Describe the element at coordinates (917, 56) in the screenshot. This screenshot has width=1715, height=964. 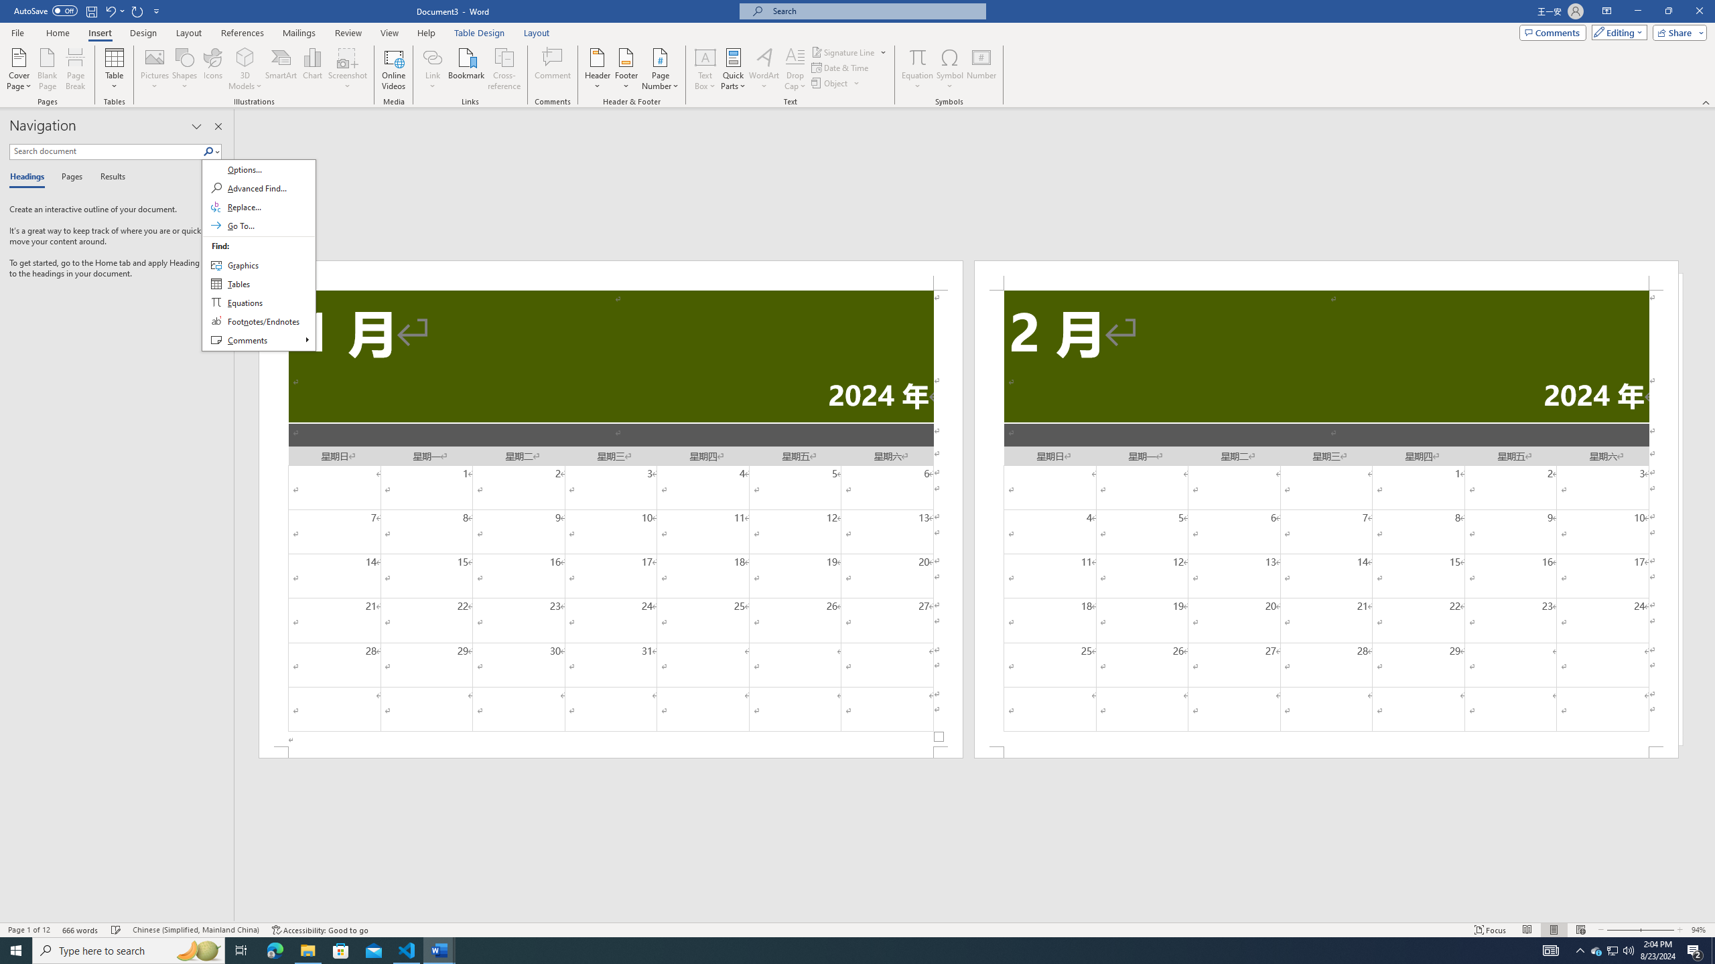
I see `'Equation'` at that location.